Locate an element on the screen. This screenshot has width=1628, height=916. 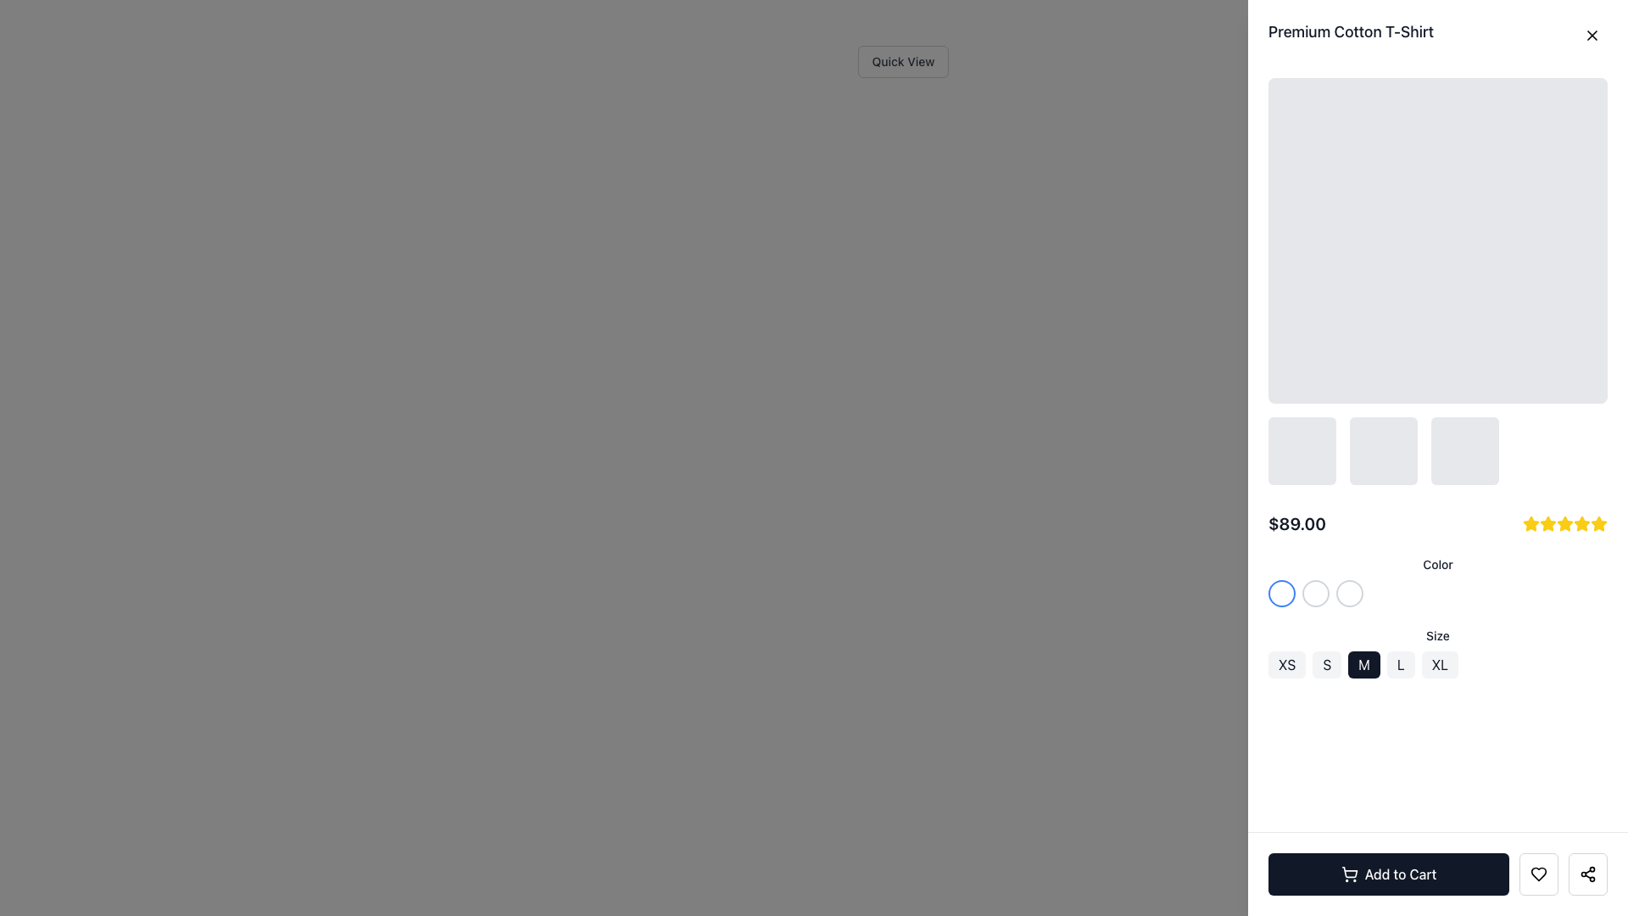
the close icon located at the top-right corner of the product description panel next to the title text 'Premium Cotton T-Shirt' is located at coordinates (1591, 36).